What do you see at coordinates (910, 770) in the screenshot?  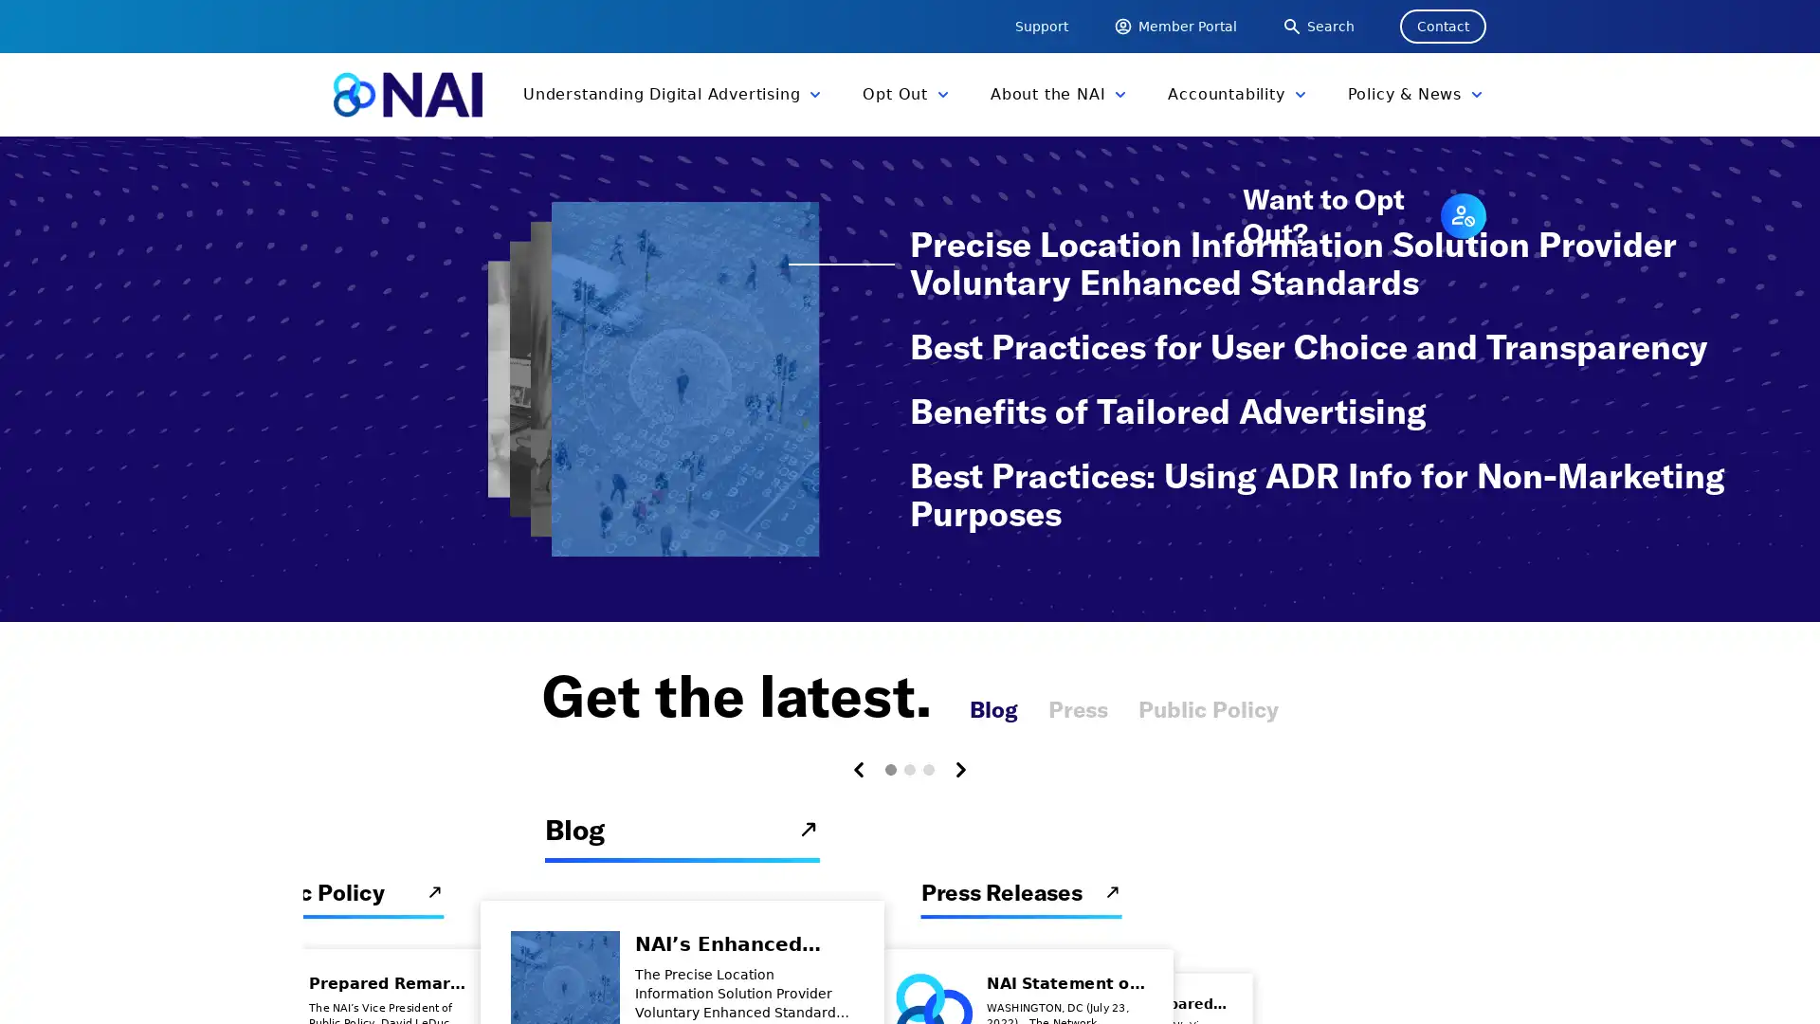 I see `Carousel Page 2` at bounding box center [910, 770].